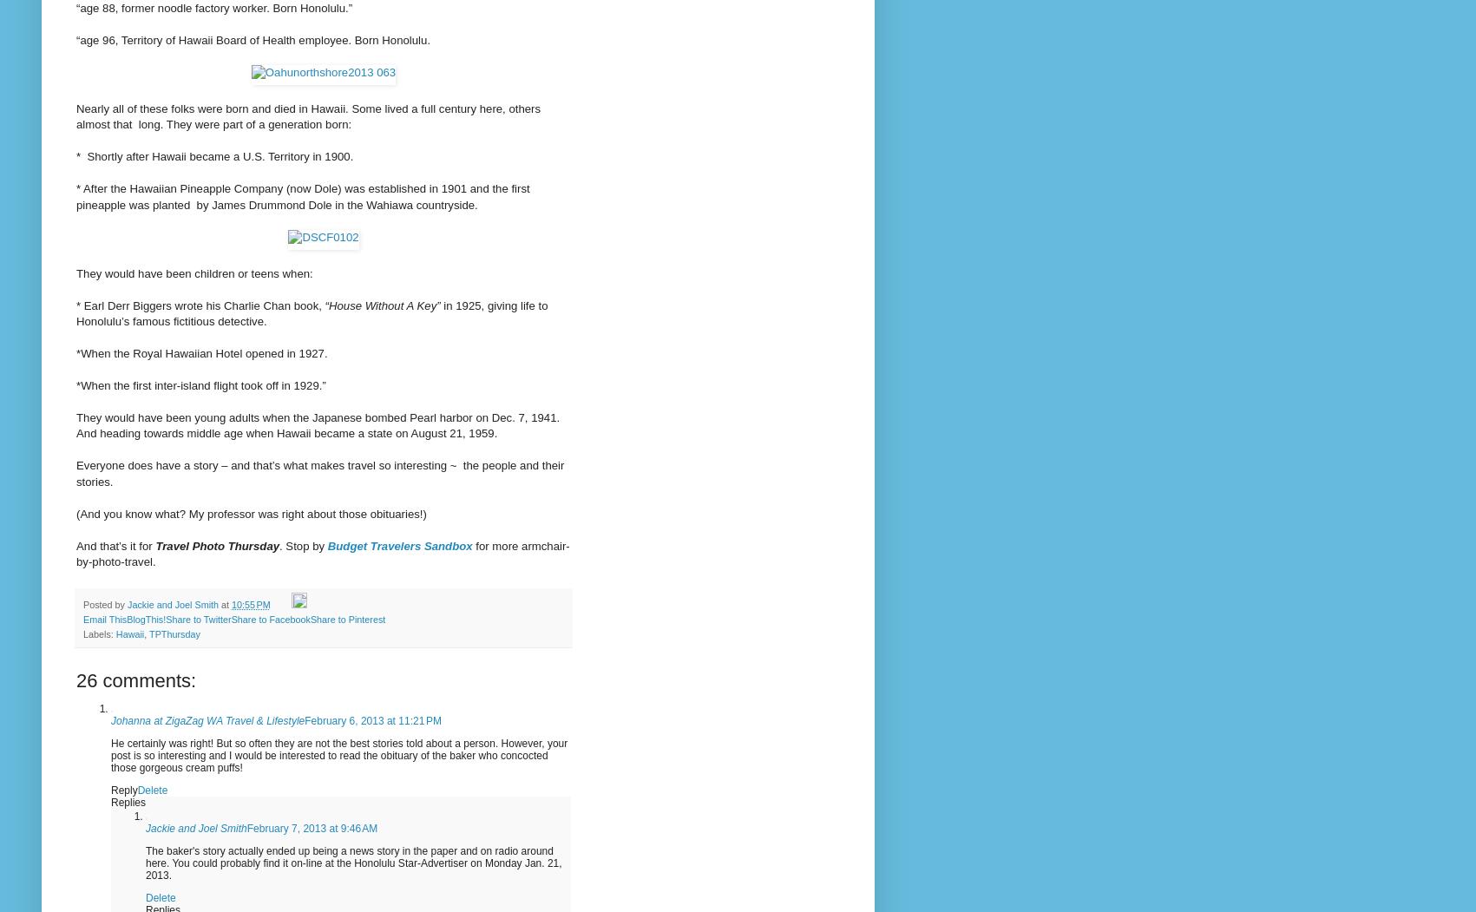  Describe the element at coordinates (213, 7) in the screenshot. I see `'“age 88, former noodle factory worker. Born Honolulu.”'` at that location.